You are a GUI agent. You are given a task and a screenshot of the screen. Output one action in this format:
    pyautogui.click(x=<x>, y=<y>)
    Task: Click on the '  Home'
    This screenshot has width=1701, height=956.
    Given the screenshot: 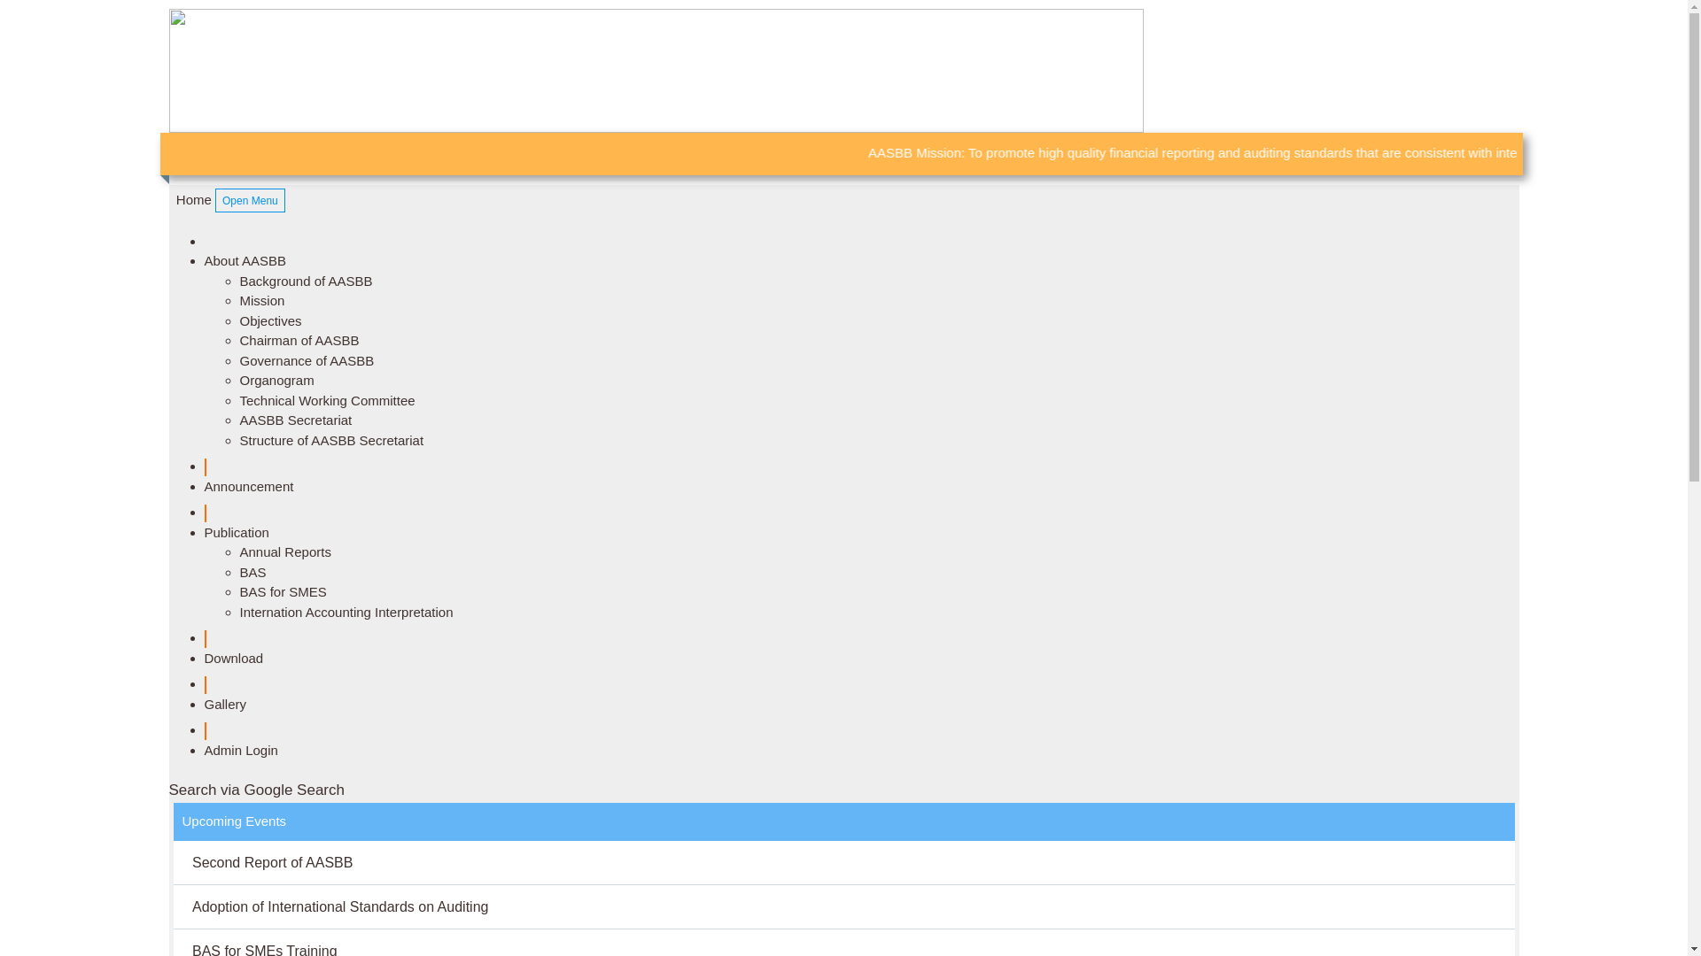 What is the action you would take?
    pyautogui.click(x=190, y=199)
    